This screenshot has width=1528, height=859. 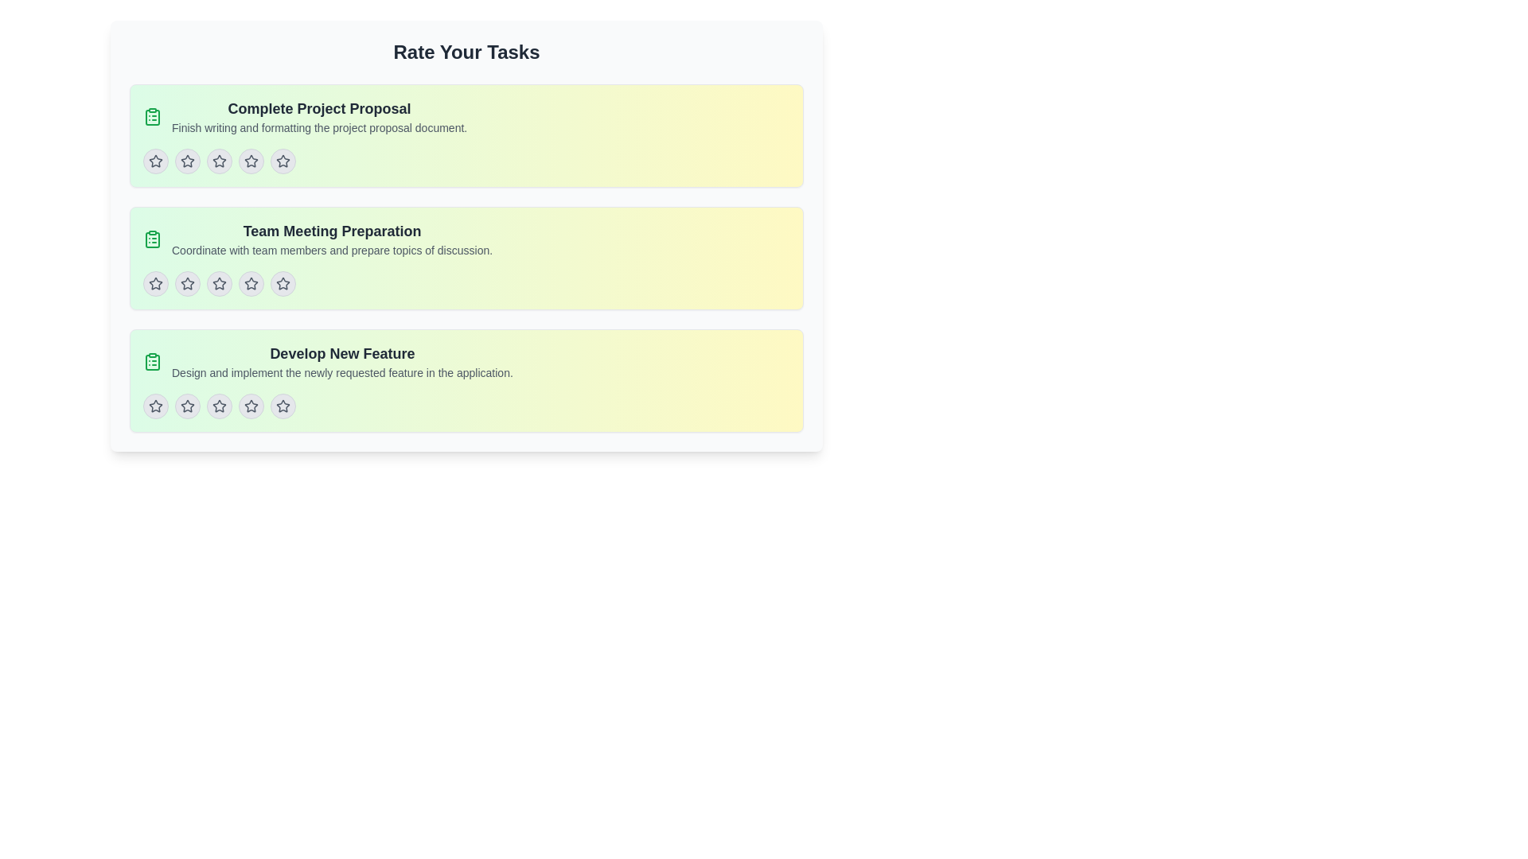 What do you see at coordinates (218, 161) in the screenshot?
I see `the second rating star icon in the rating section under 'Complete Project Proposal'` at bounding box center [218, 161].